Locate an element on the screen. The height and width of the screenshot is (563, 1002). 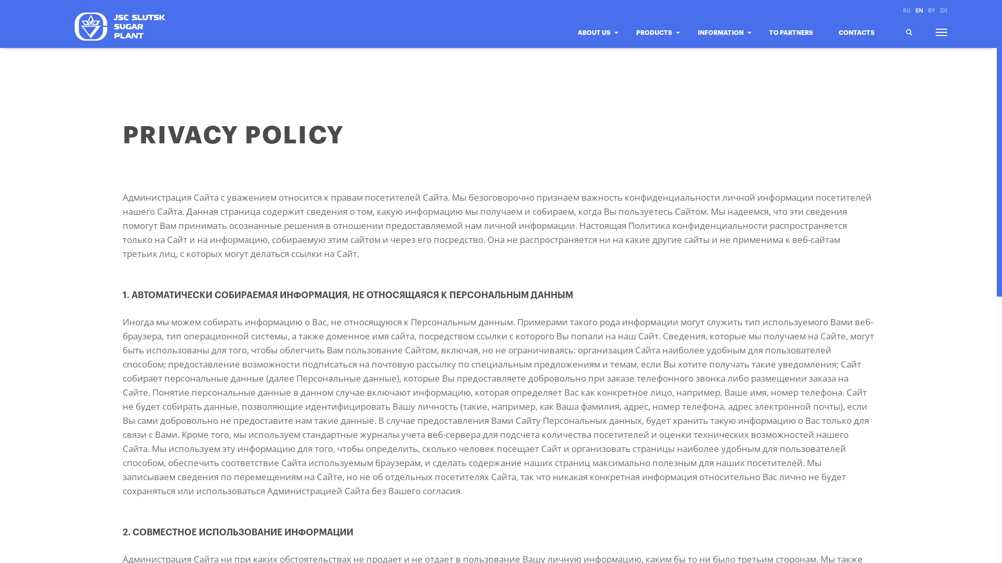
'CONTACTS' is located at coordinates (838, 41).